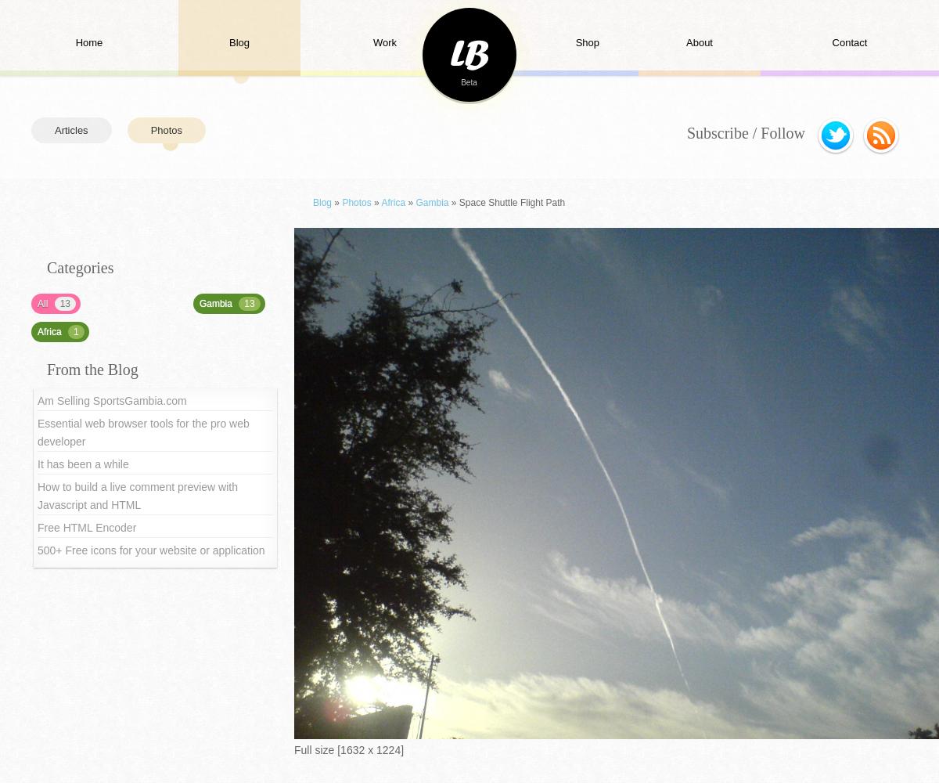 This screenshot has width=939, height=783. I want to click on 'Categories', so click(80, 267).